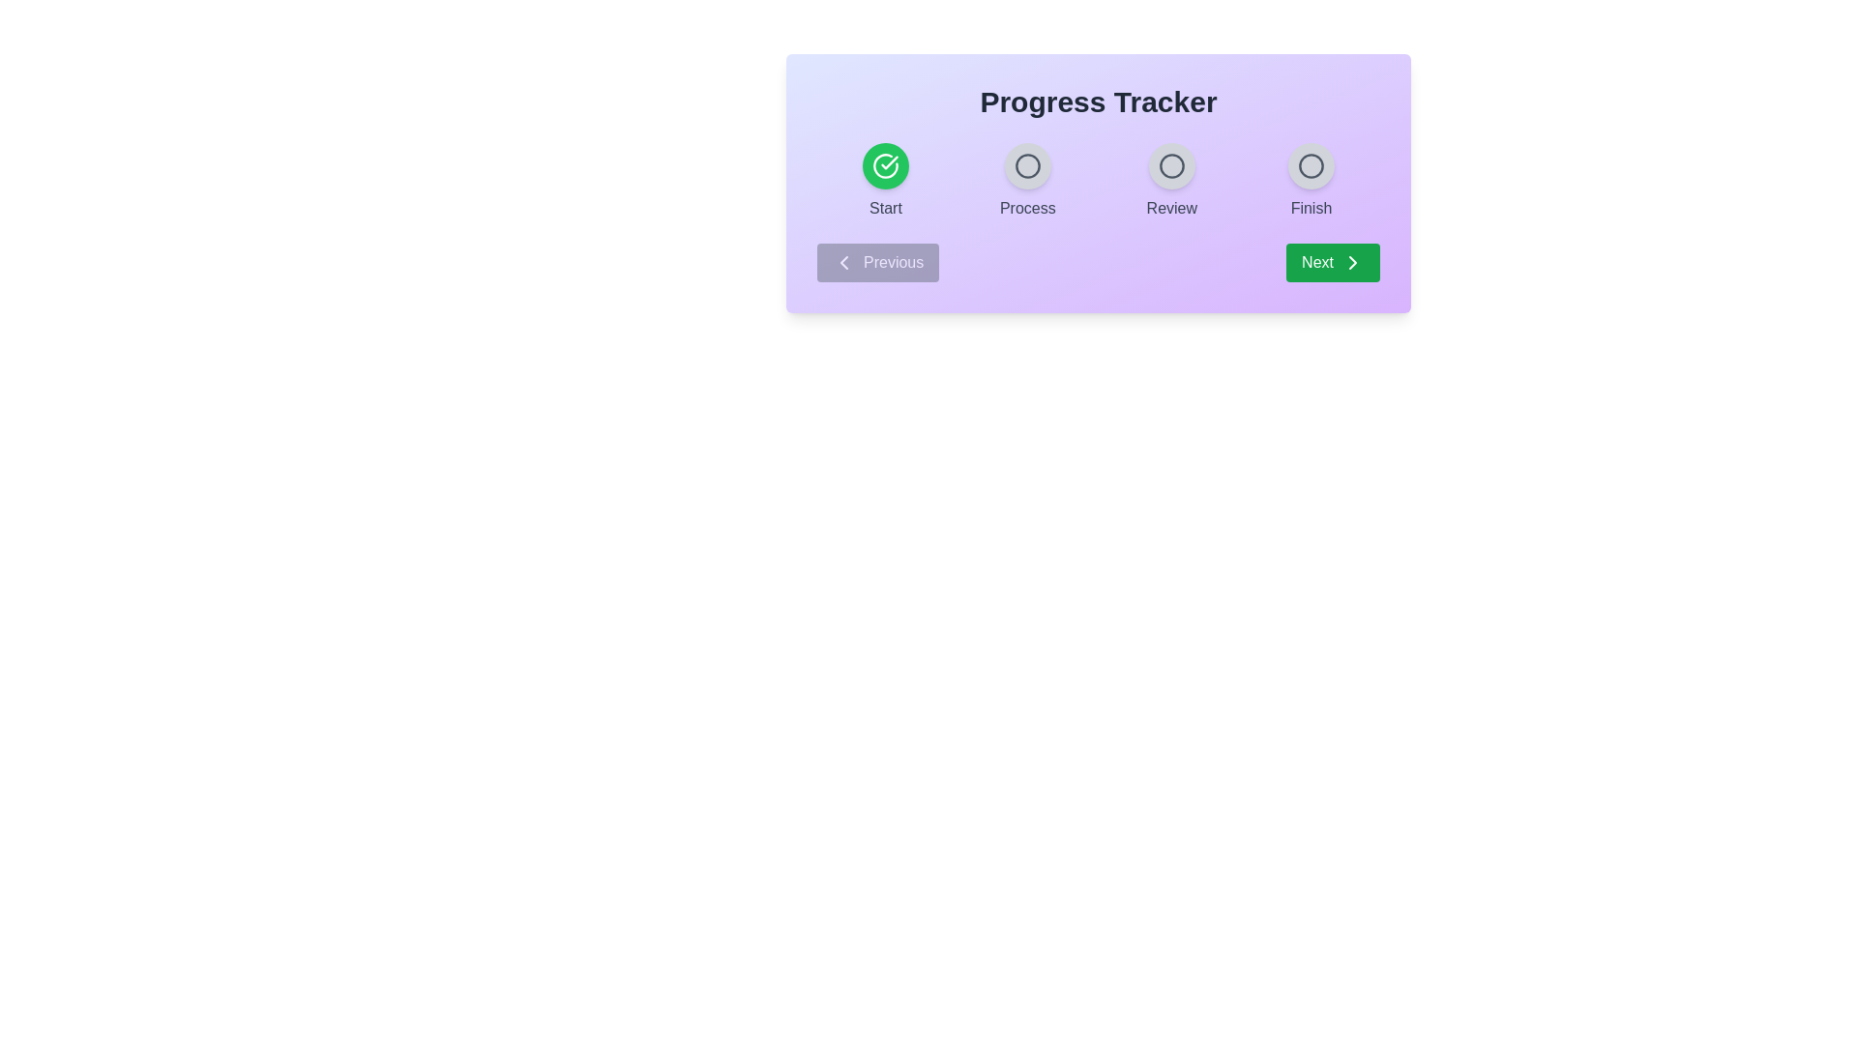  What do you see at coordinates (1311, 165) in the screenshot?
I see `the circular button with a gray background located under the label 'Finish' in the stepper control` at bounding box center [1311, 165].